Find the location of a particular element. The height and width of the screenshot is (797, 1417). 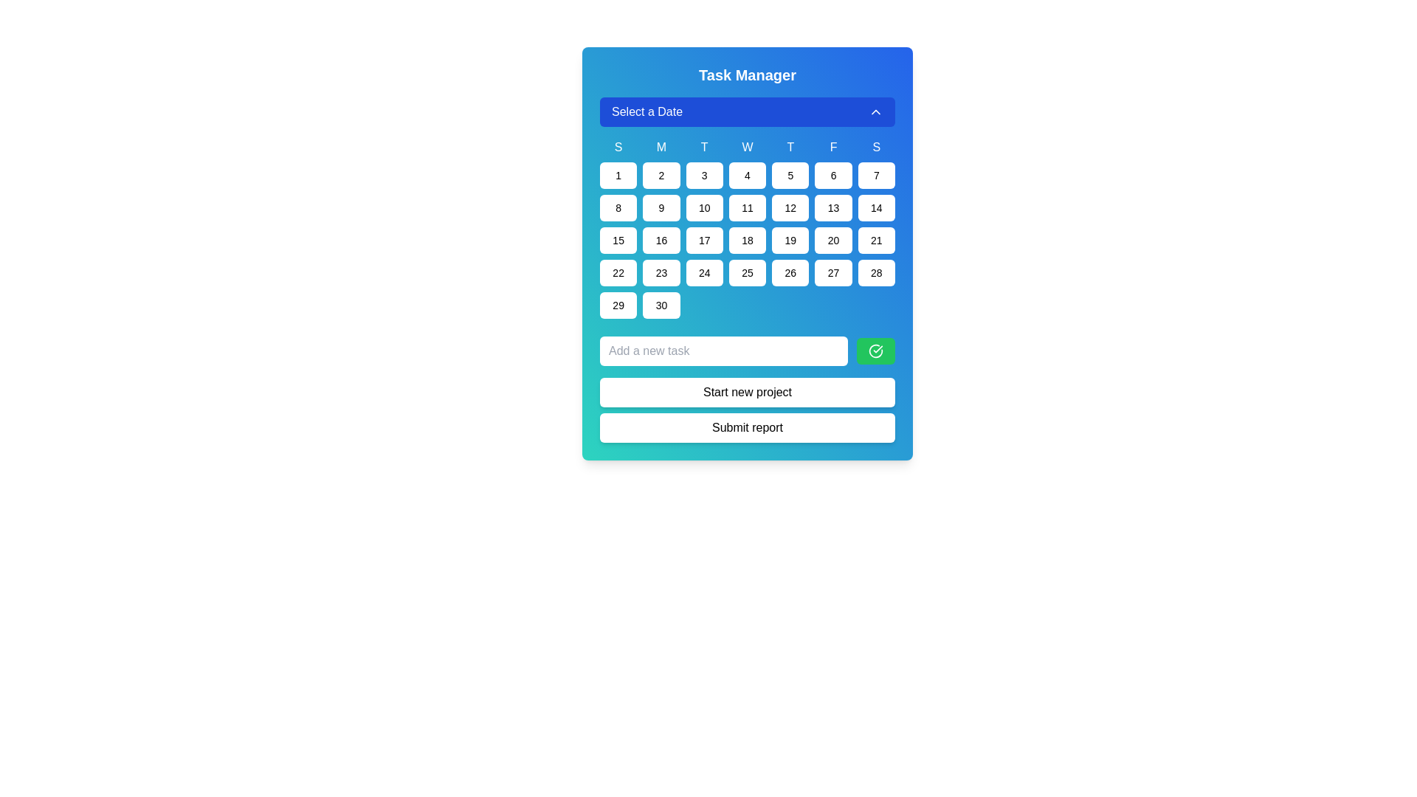

the rectangular button with rounded corners labeled '11' is located at coordinates (747, 207).